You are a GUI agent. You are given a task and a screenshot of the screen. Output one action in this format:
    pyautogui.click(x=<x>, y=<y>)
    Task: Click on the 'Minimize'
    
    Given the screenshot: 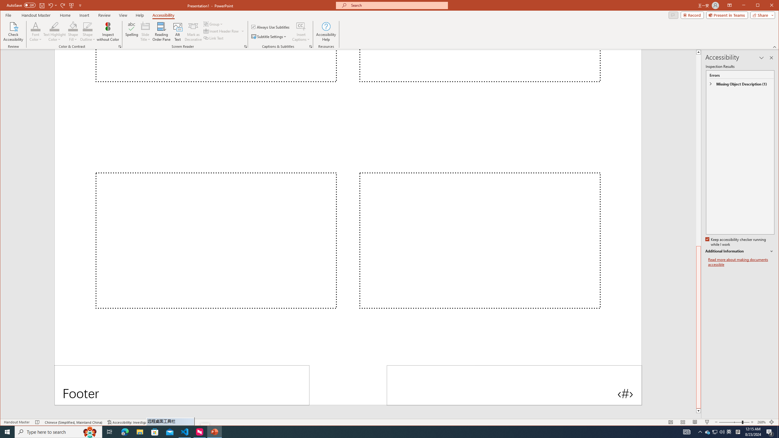 What is the action you would take?
    pyautogui.click(x=760, y=6)
    